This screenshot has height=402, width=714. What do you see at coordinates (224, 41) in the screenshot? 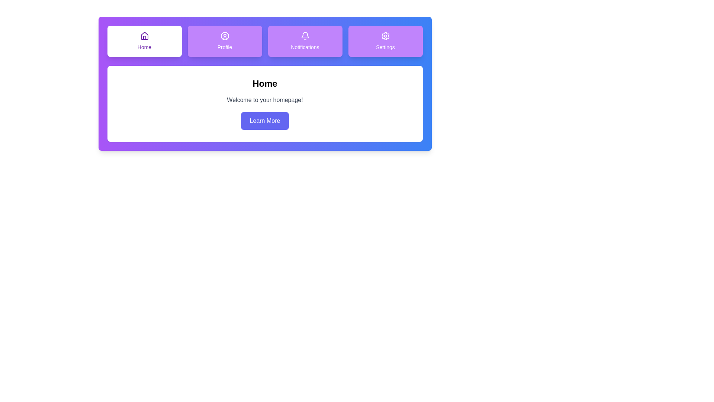
I see `the tab icon corresponding to Profile` at bounding box center [224, 41].